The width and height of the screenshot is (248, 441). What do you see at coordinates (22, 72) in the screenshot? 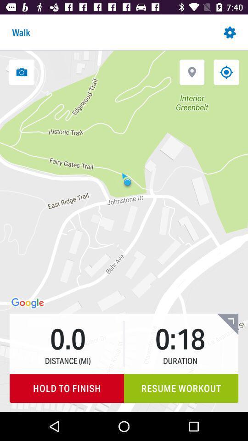
I see `screenshot` at bounding box center [22, 72].